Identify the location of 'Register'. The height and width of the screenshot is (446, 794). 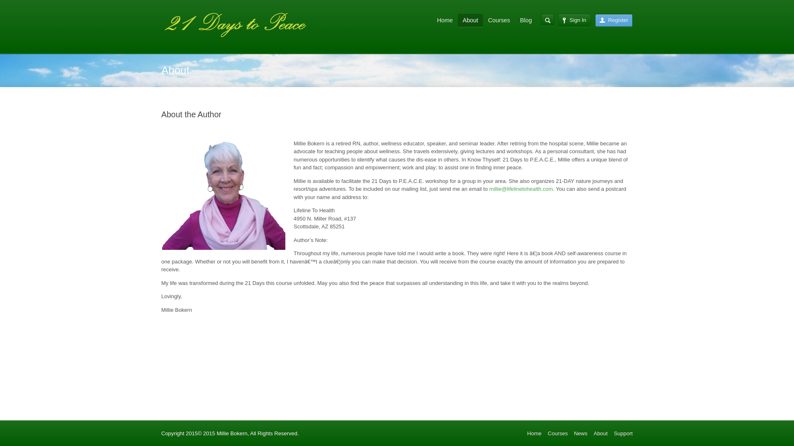
(614, 20).